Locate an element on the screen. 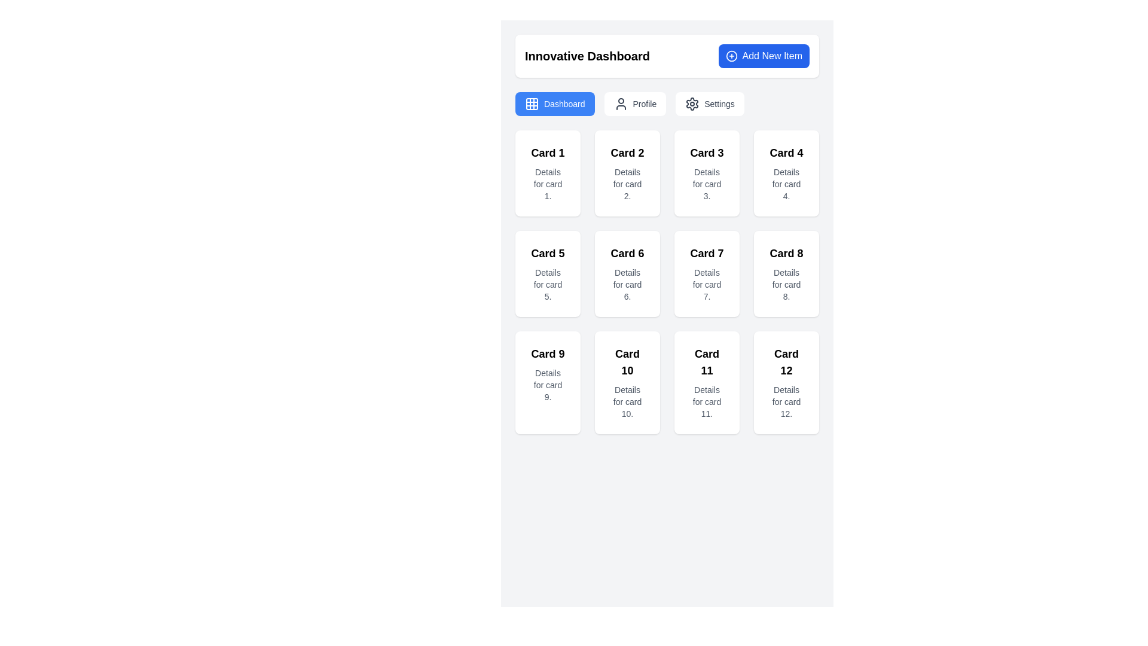 The height and width of the screenshot is (646, 1148). the 'Dashboard' text label within the blue rounded button in the top-left corner of the navigation menu is located at coordinates (564, 103).